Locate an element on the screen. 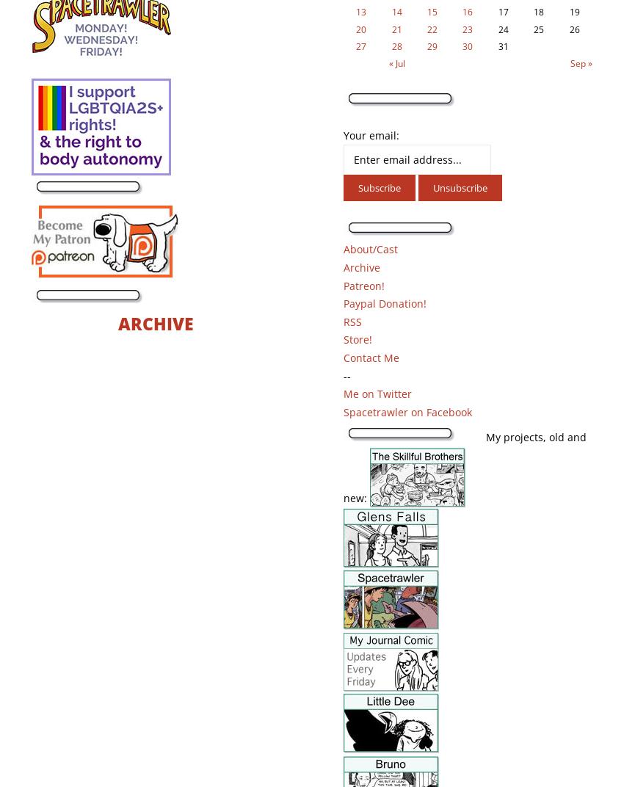 The image size is (624, 787). '20' is located at coordinates (360, 28).